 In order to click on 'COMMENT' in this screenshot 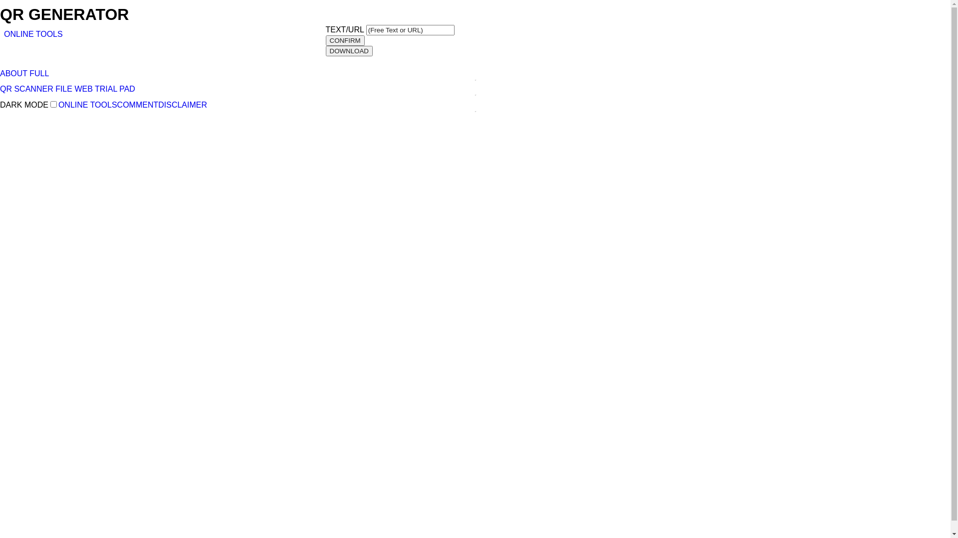, I will do `click(137, 105)`.